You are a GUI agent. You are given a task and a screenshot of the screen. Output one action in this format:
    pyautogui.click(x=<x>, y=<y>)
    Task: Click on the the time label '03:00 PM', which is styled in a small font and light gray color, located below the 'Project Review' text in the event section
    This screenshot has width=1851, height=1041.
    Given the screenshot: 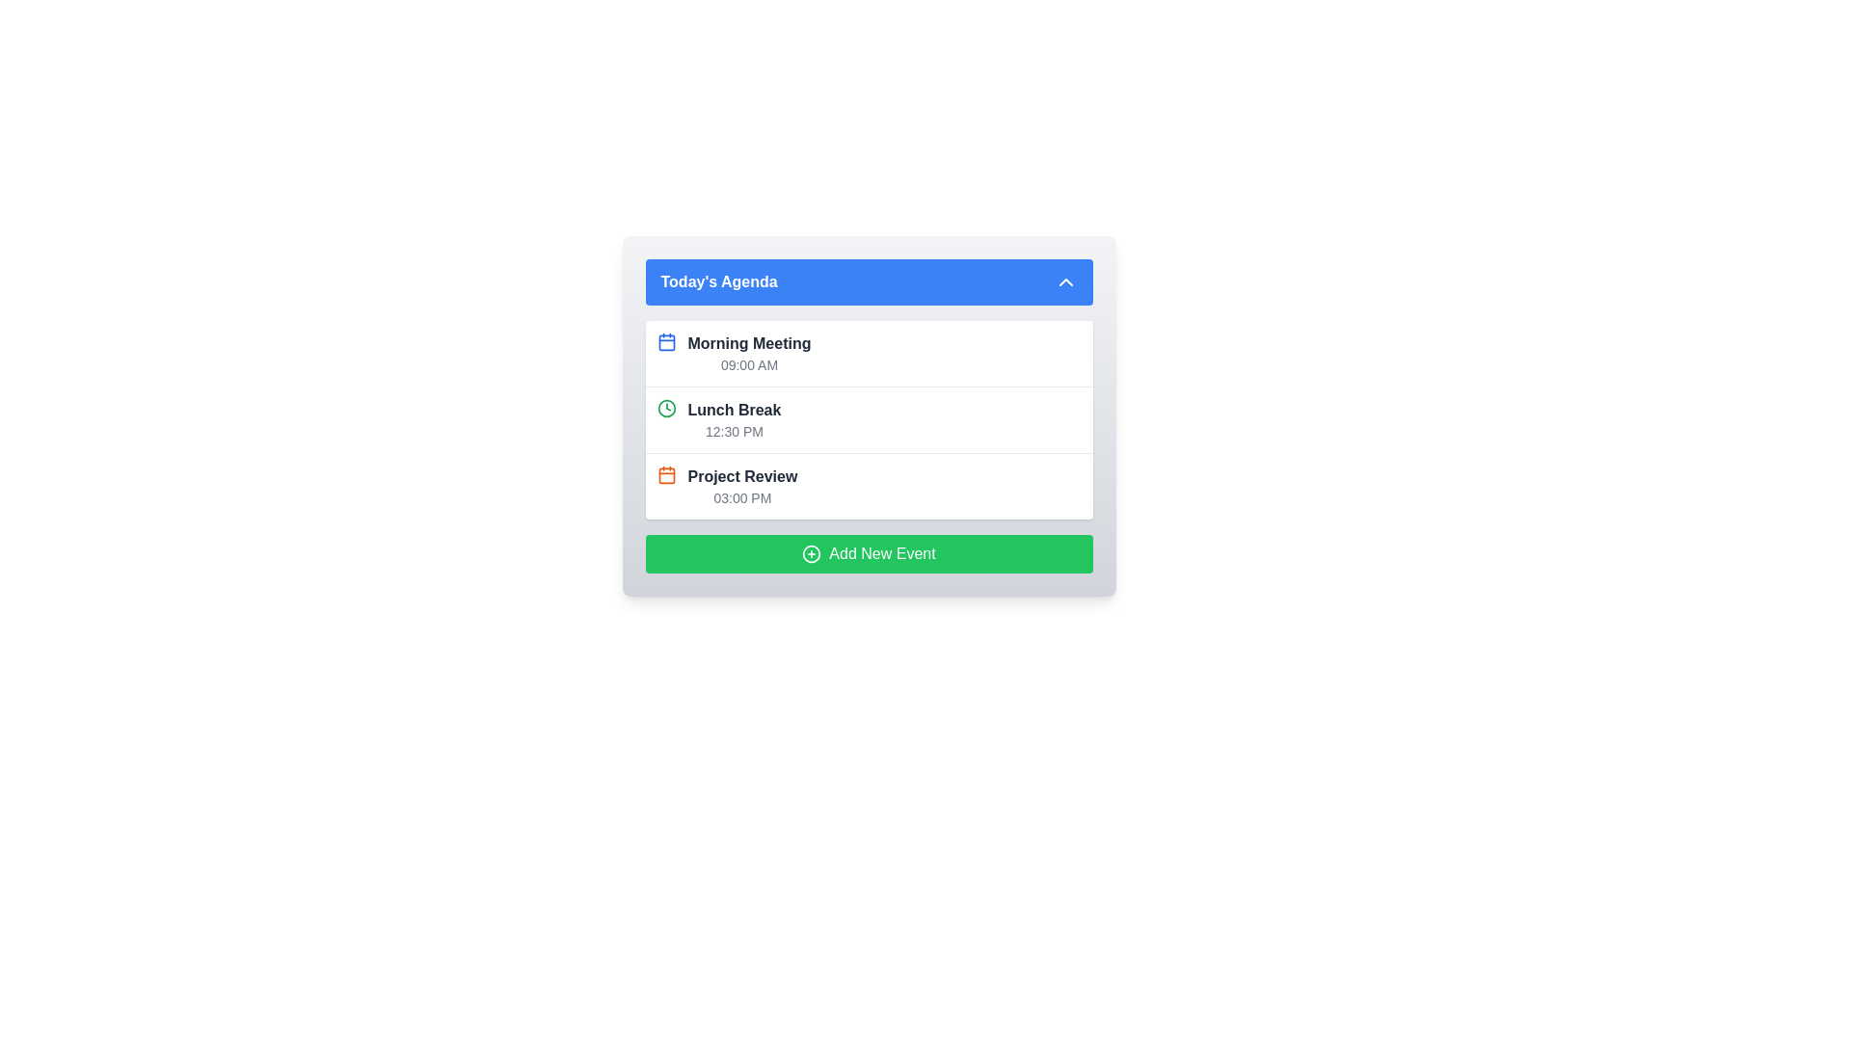 What is the action you would take?
    pyautogui.click(x=741, y=496)
    